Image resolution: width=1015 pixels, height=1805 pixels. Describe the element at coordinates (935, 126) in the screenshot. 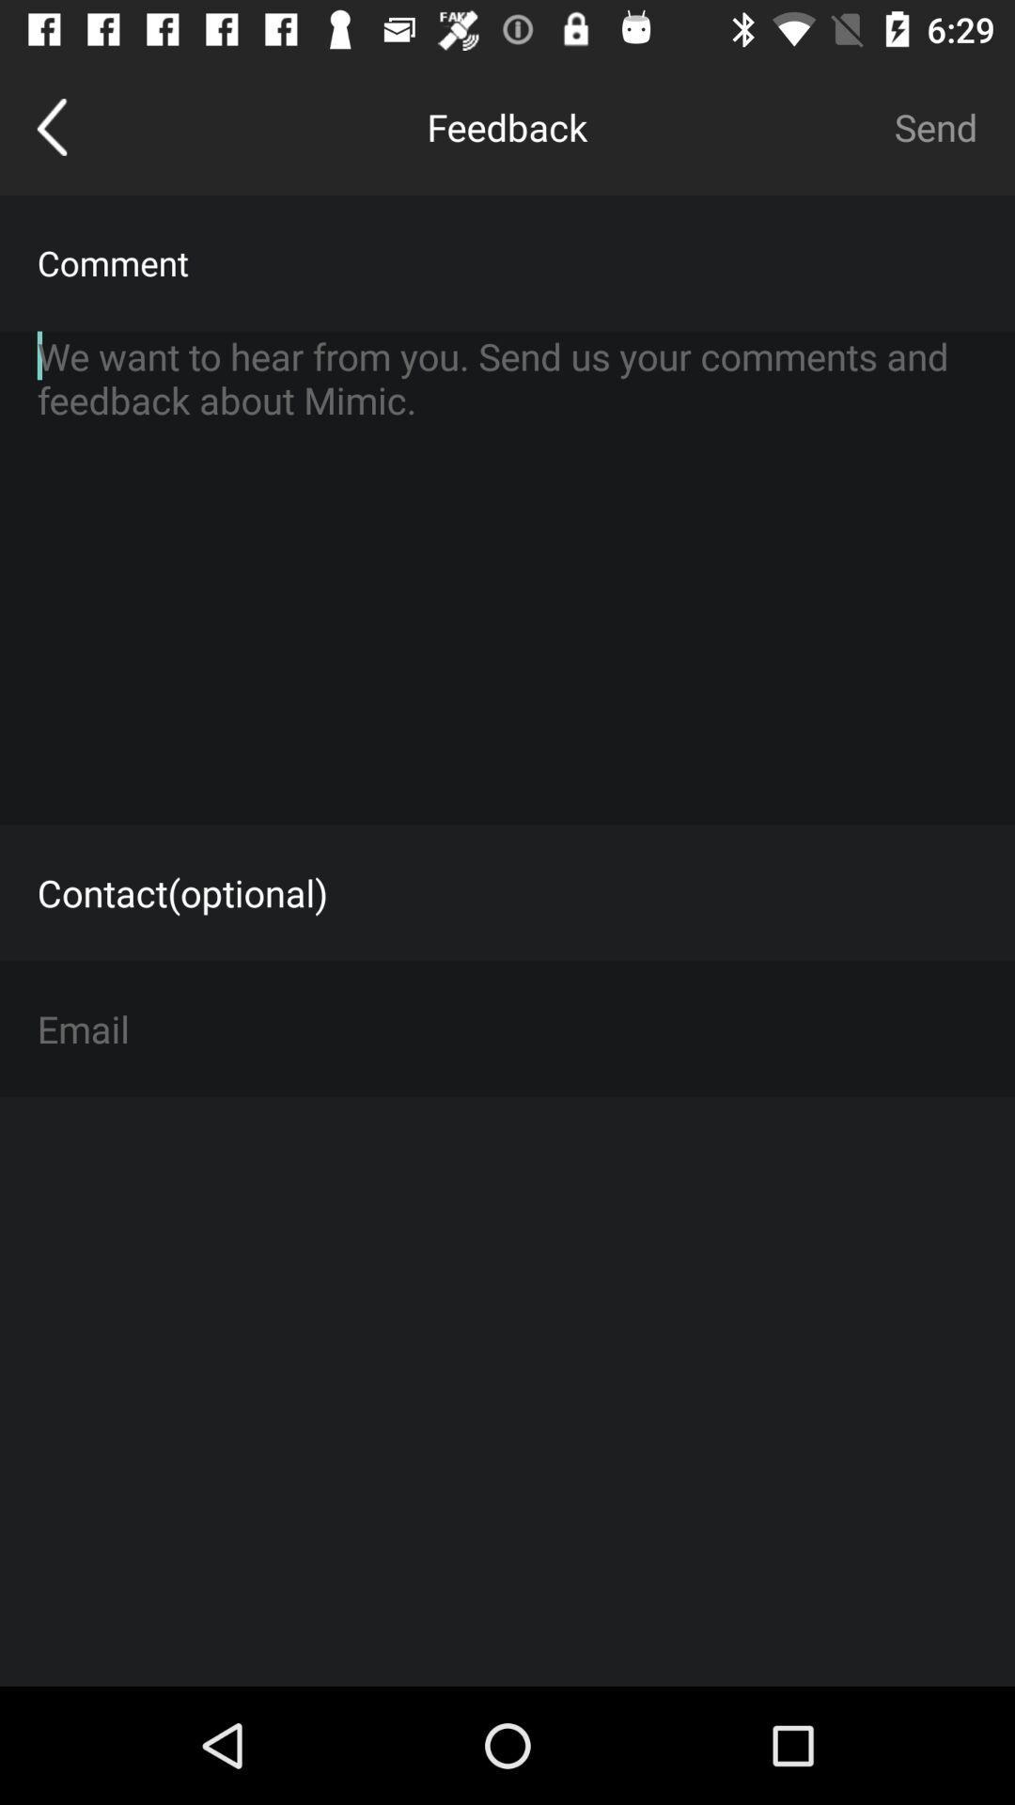

I see `the send at the top right corner` at that location.